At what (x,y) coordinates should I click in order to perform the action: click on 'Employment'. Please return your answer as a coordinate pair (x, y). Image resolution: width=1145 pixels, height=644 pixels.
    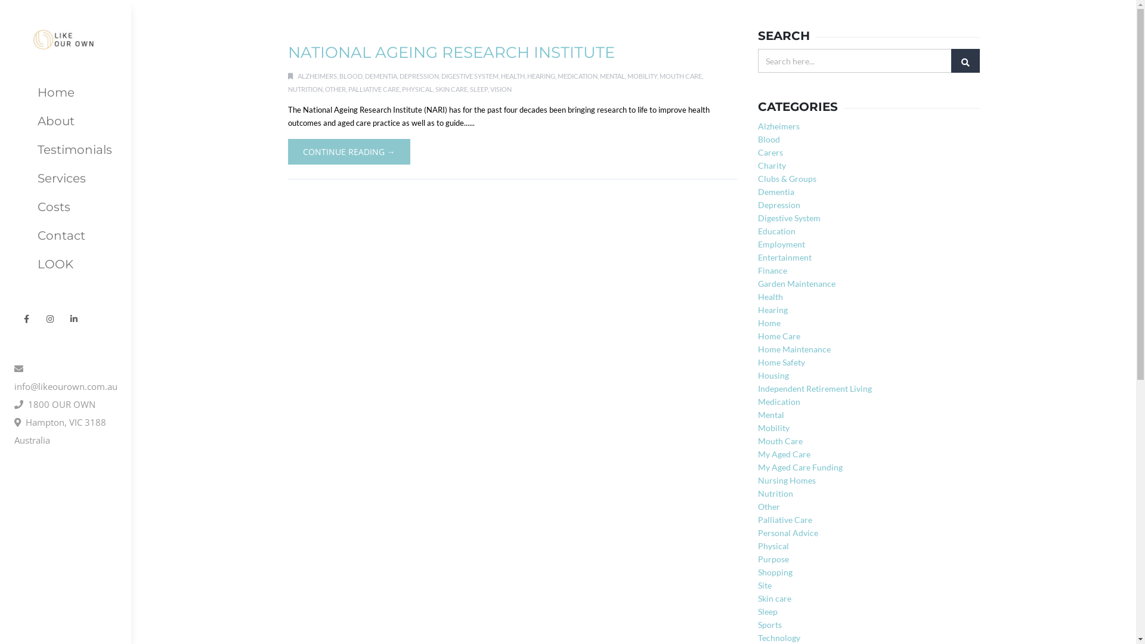
    Looking at the image, I should click on (781, 243).